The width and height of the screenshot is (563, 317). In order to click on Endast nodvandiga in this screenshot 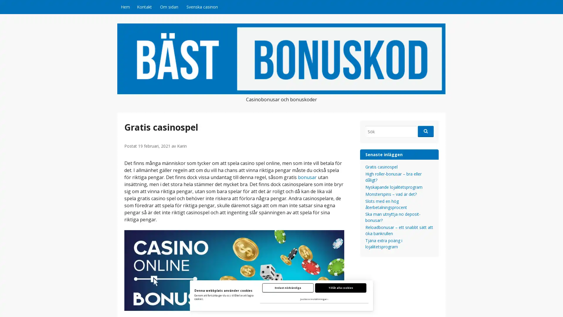, I will do `click(288, 287)`.